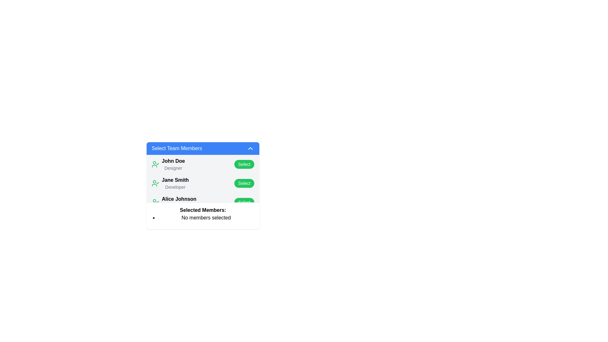 The image size is (608, 342). Describe the element at coordinates (250, 149) in the screenshot. I see `the chevron icon in the blue header bar` at that location.